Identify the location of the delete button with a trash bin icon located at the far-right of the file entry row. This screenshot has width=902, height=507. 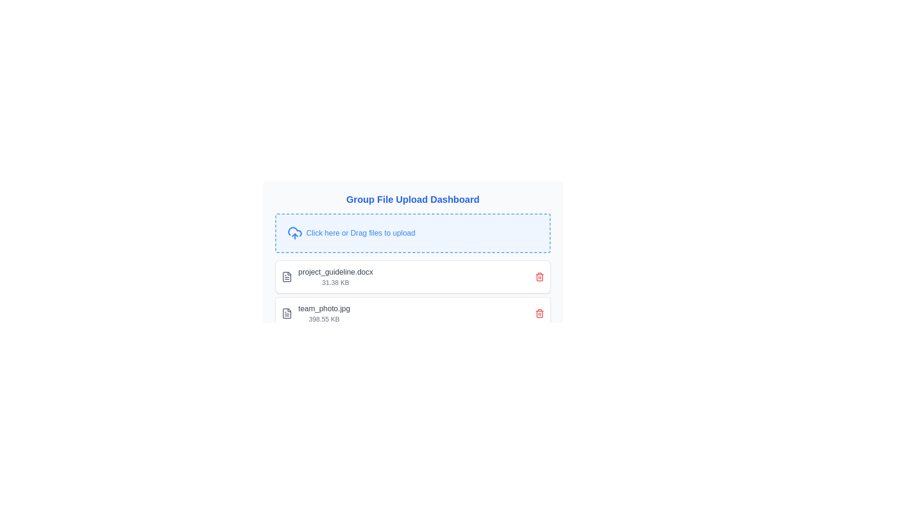
(539, 277).